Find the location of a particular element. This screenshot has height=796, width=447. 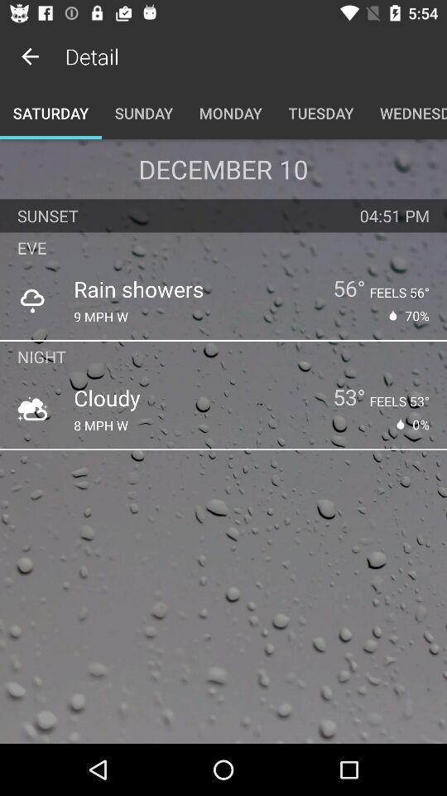

the item to the left of the detail app is located at coordinates (30, 56).